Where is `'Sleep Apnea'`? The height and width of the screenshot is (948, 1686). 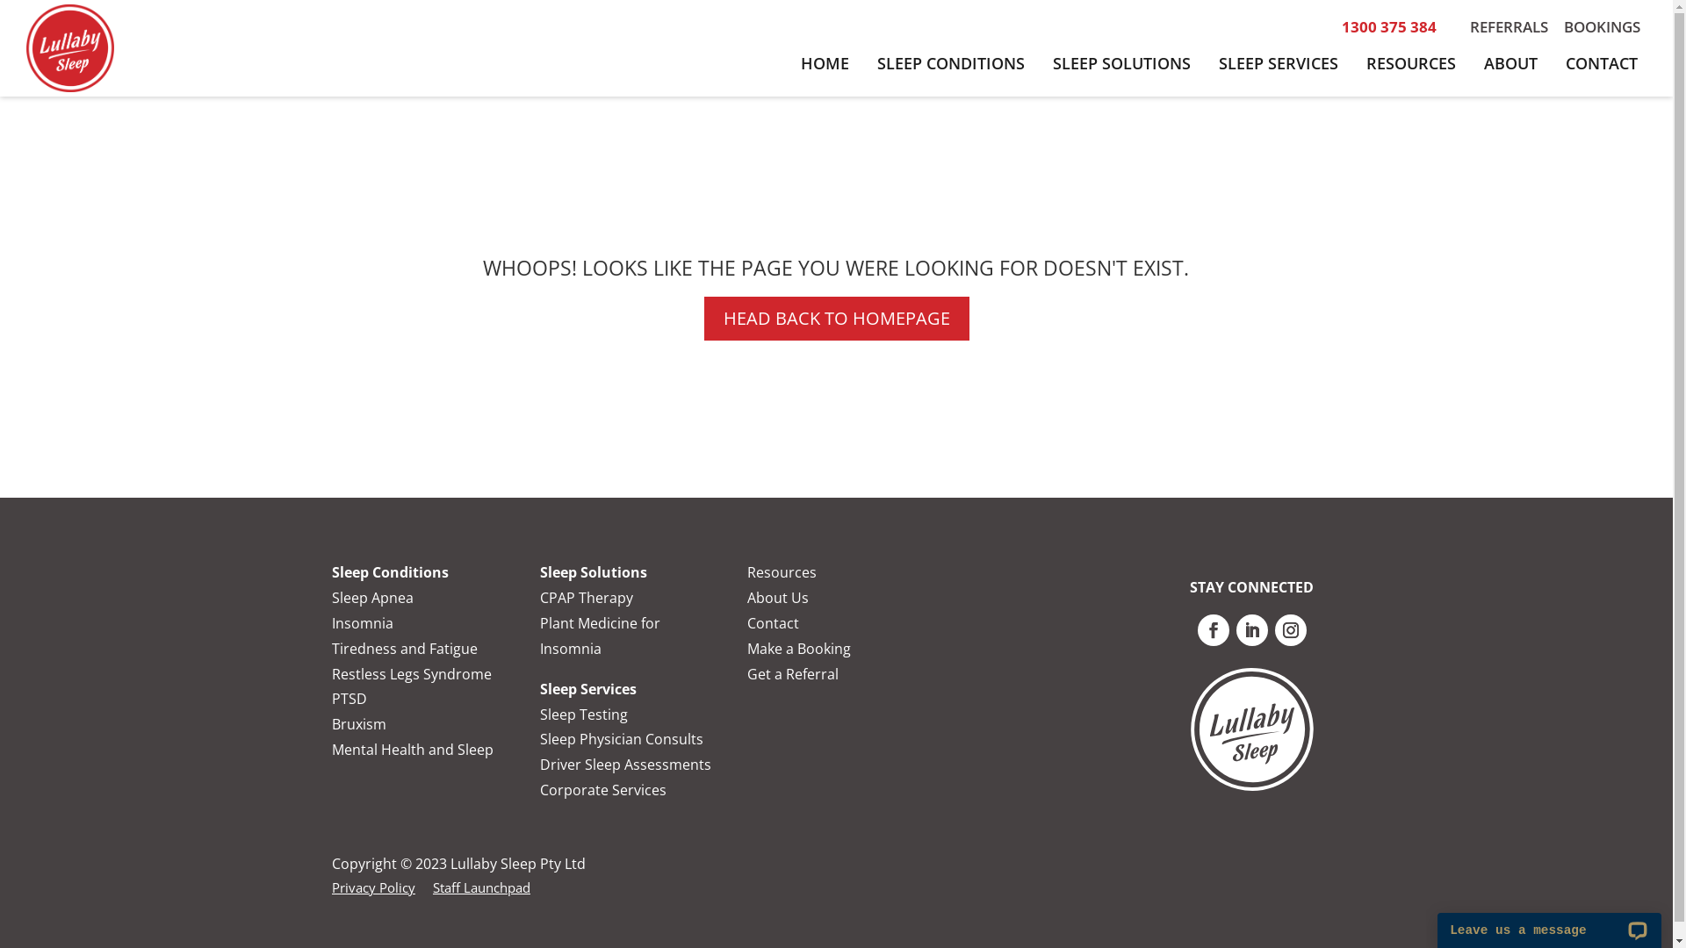 'Sleep Apnea' is located at coordinates (371, 597).